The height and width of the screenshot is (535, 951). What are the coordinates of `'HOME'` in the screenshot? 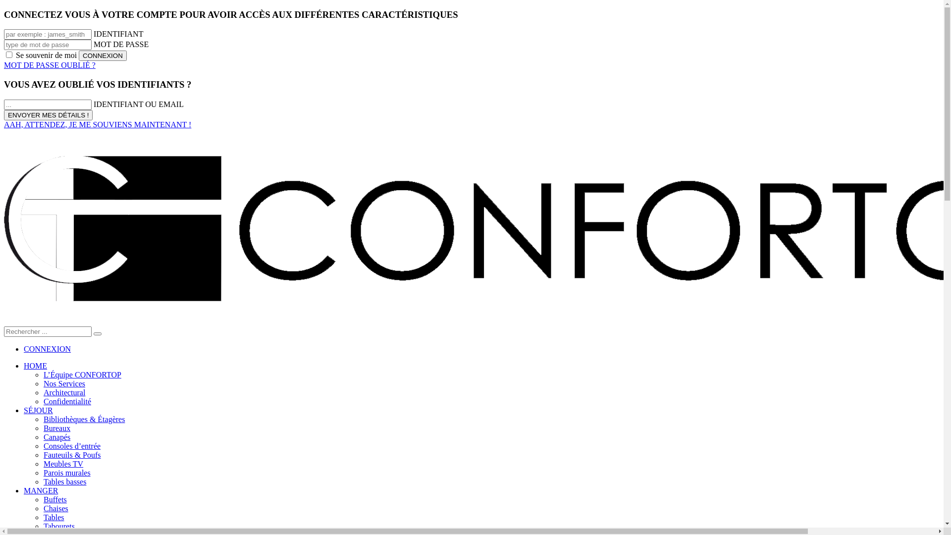 It's located at (24, 366).